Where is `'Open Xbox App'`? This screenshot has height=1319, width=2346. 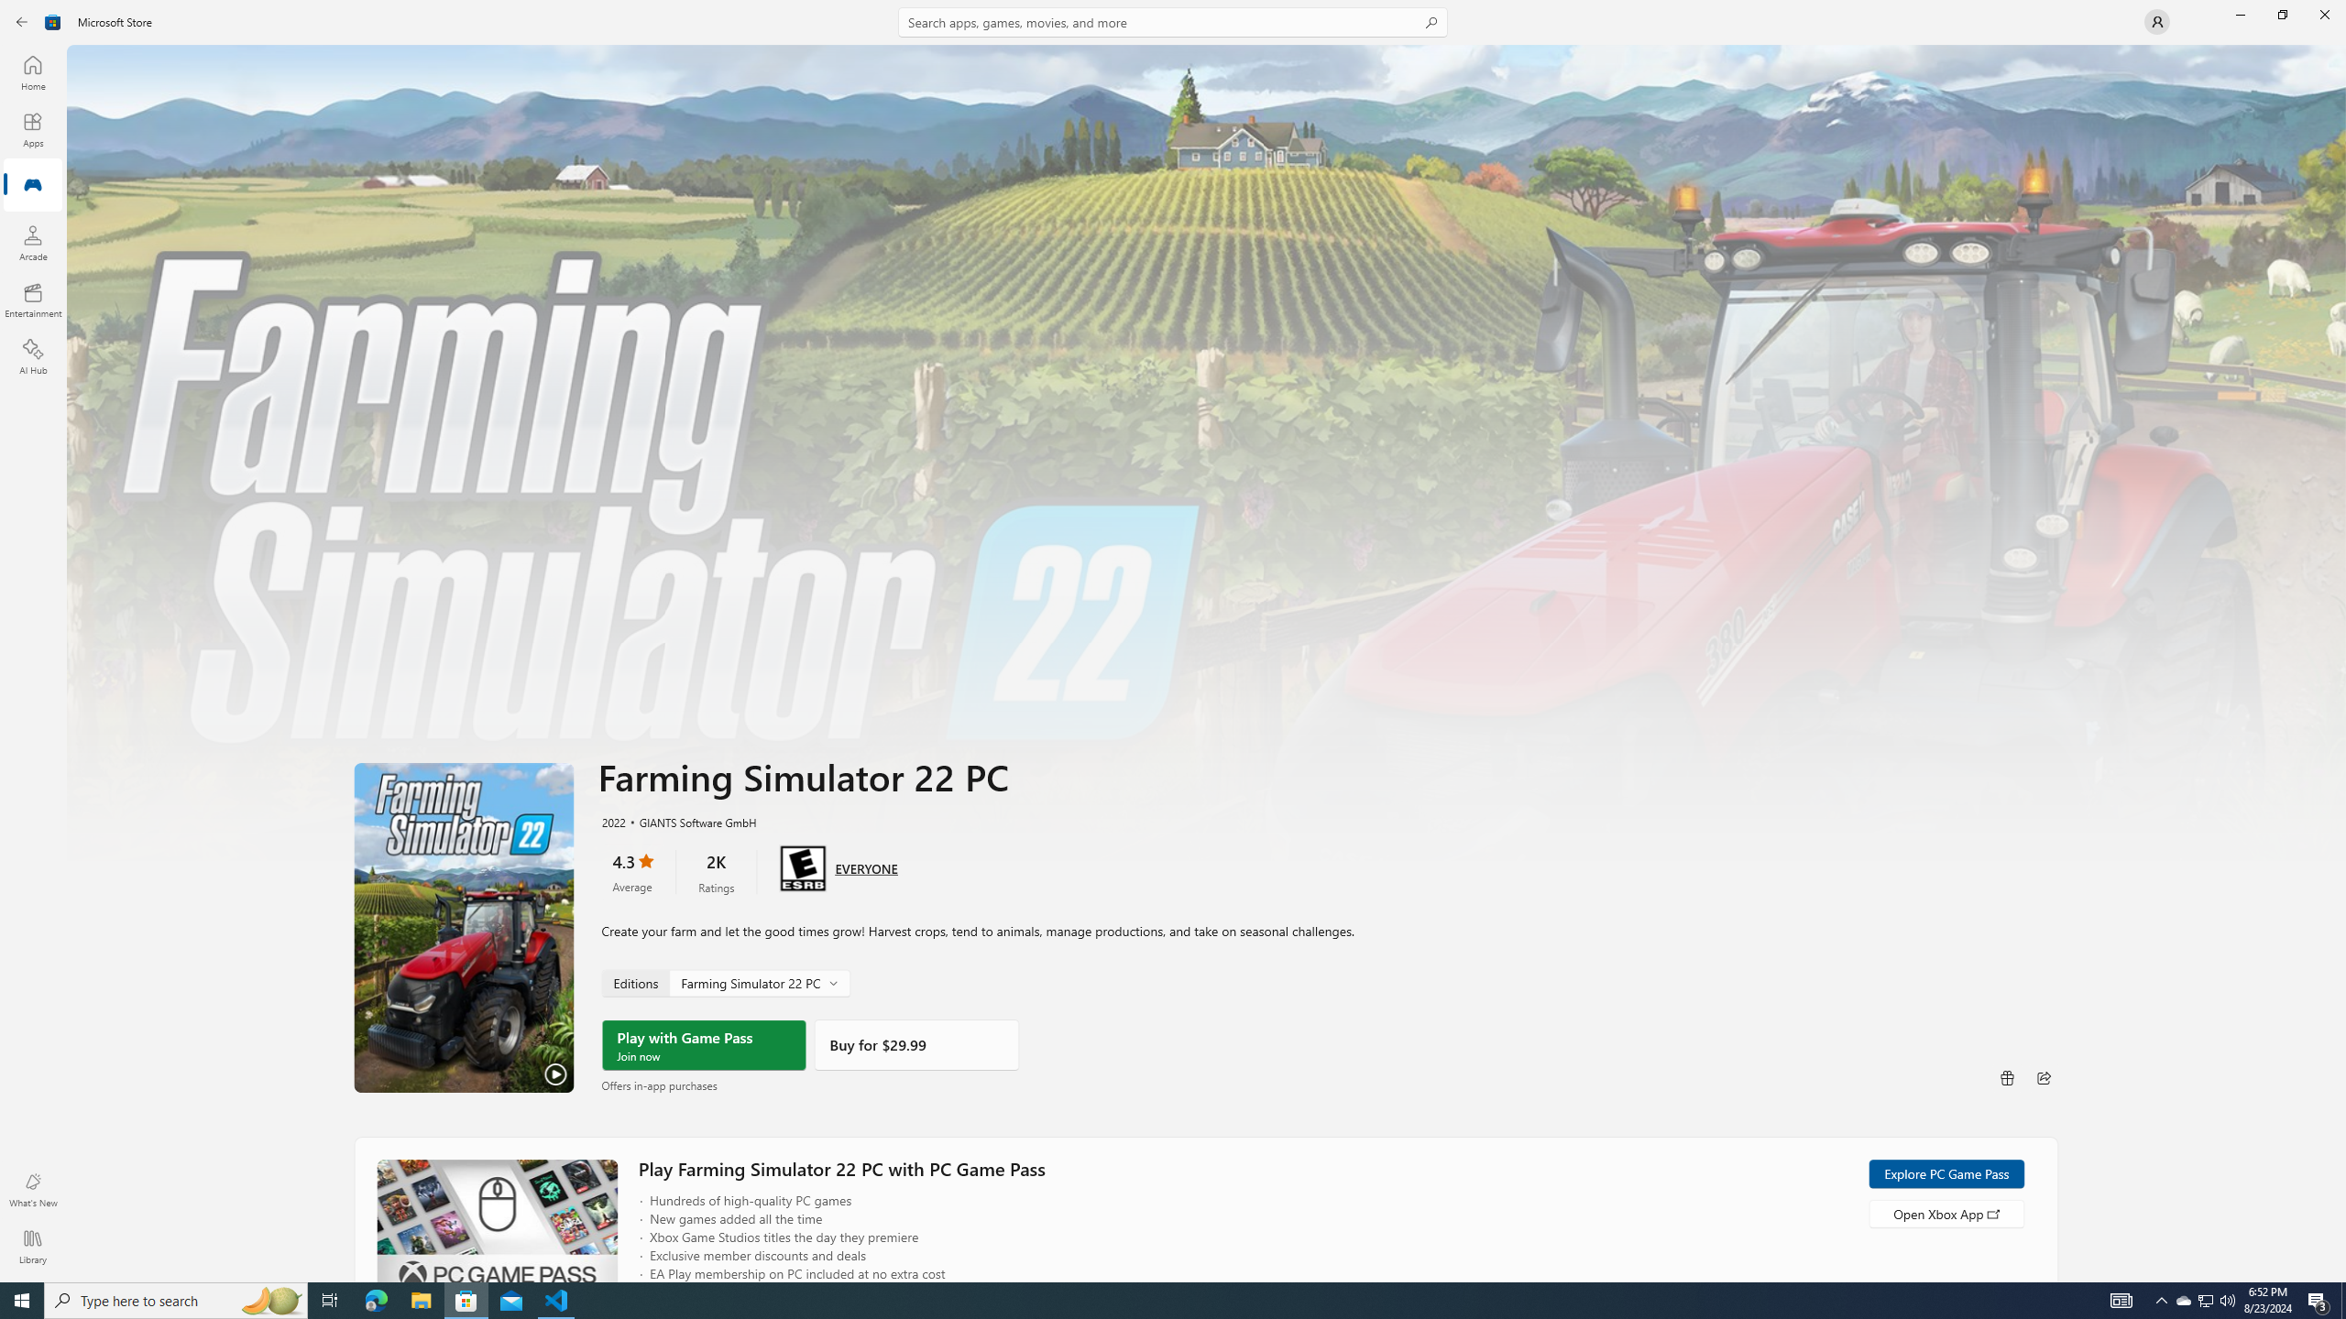 'Open Xbox App' is located at coordinates (1946, 1213).